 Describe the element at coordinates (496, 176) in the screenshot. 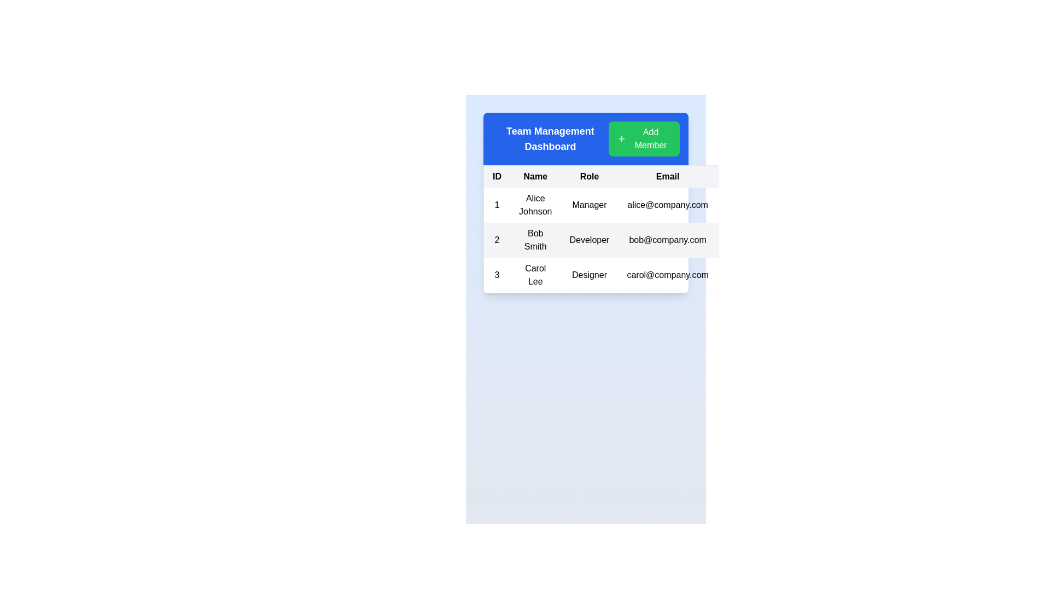

I see `the table header cell that serves as the header label for the column listing unique identifiers for entries in the table, located in the top-left corner of the table` at that location.